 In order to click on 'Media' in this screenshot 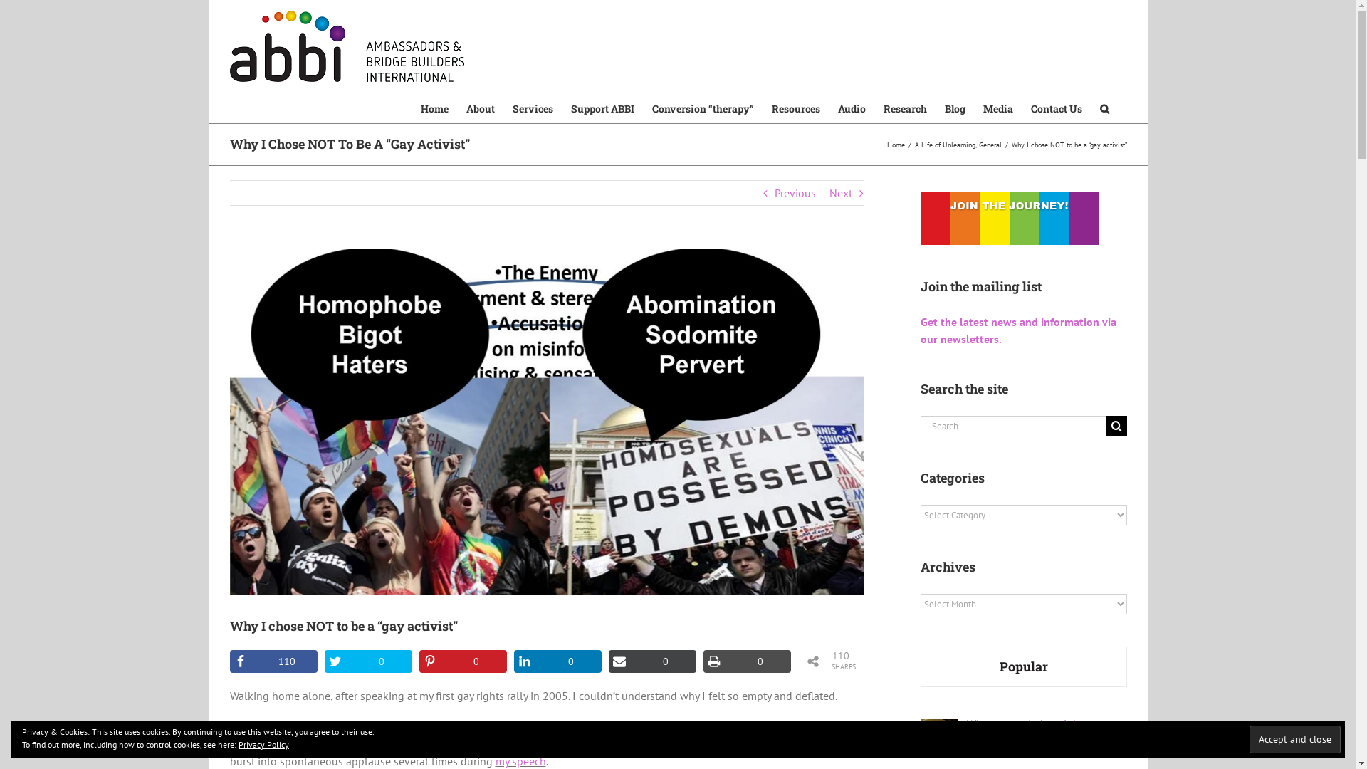, I will do `click(997, 107)`.